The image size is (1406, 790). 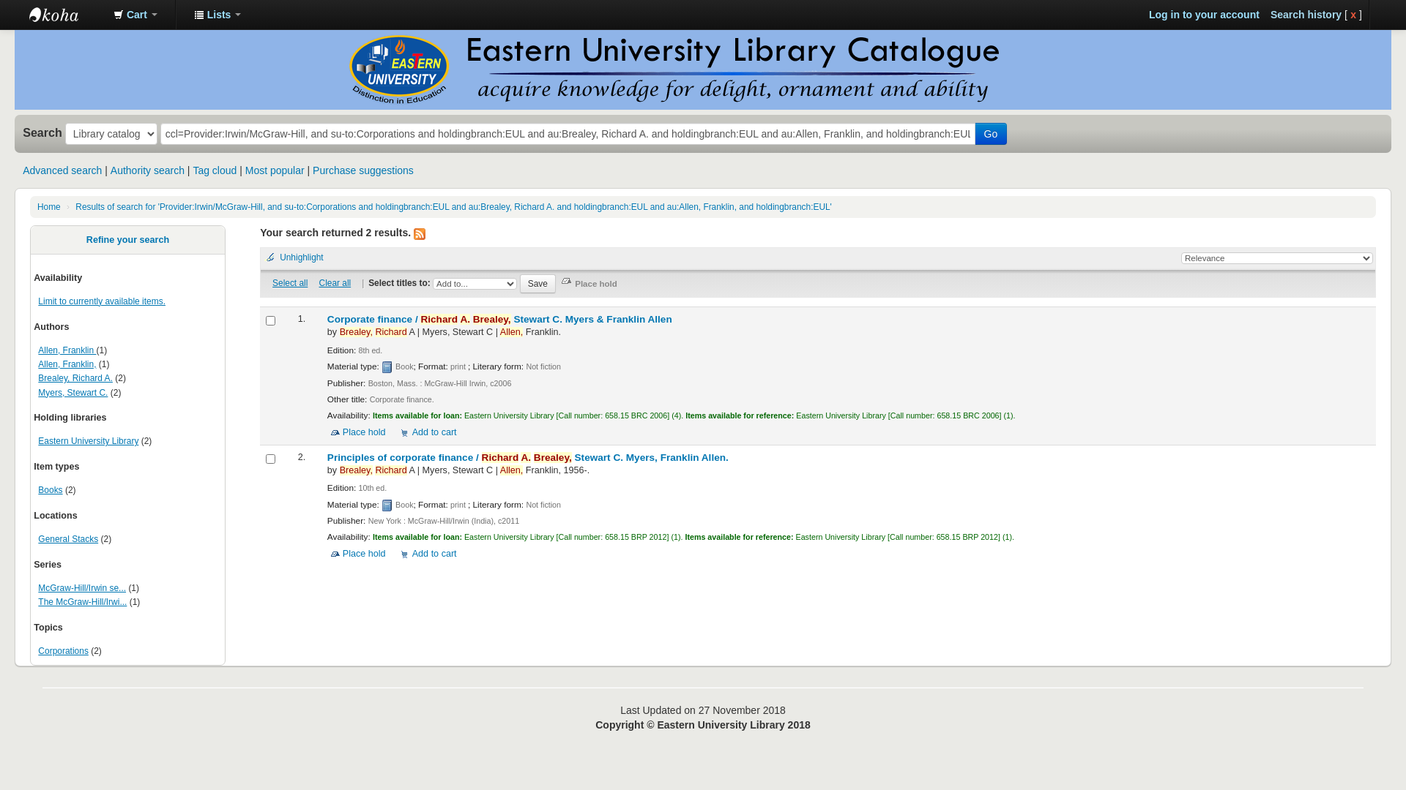 I want to click on 'Myers, Stewart C.', so click(x=72, y=391).